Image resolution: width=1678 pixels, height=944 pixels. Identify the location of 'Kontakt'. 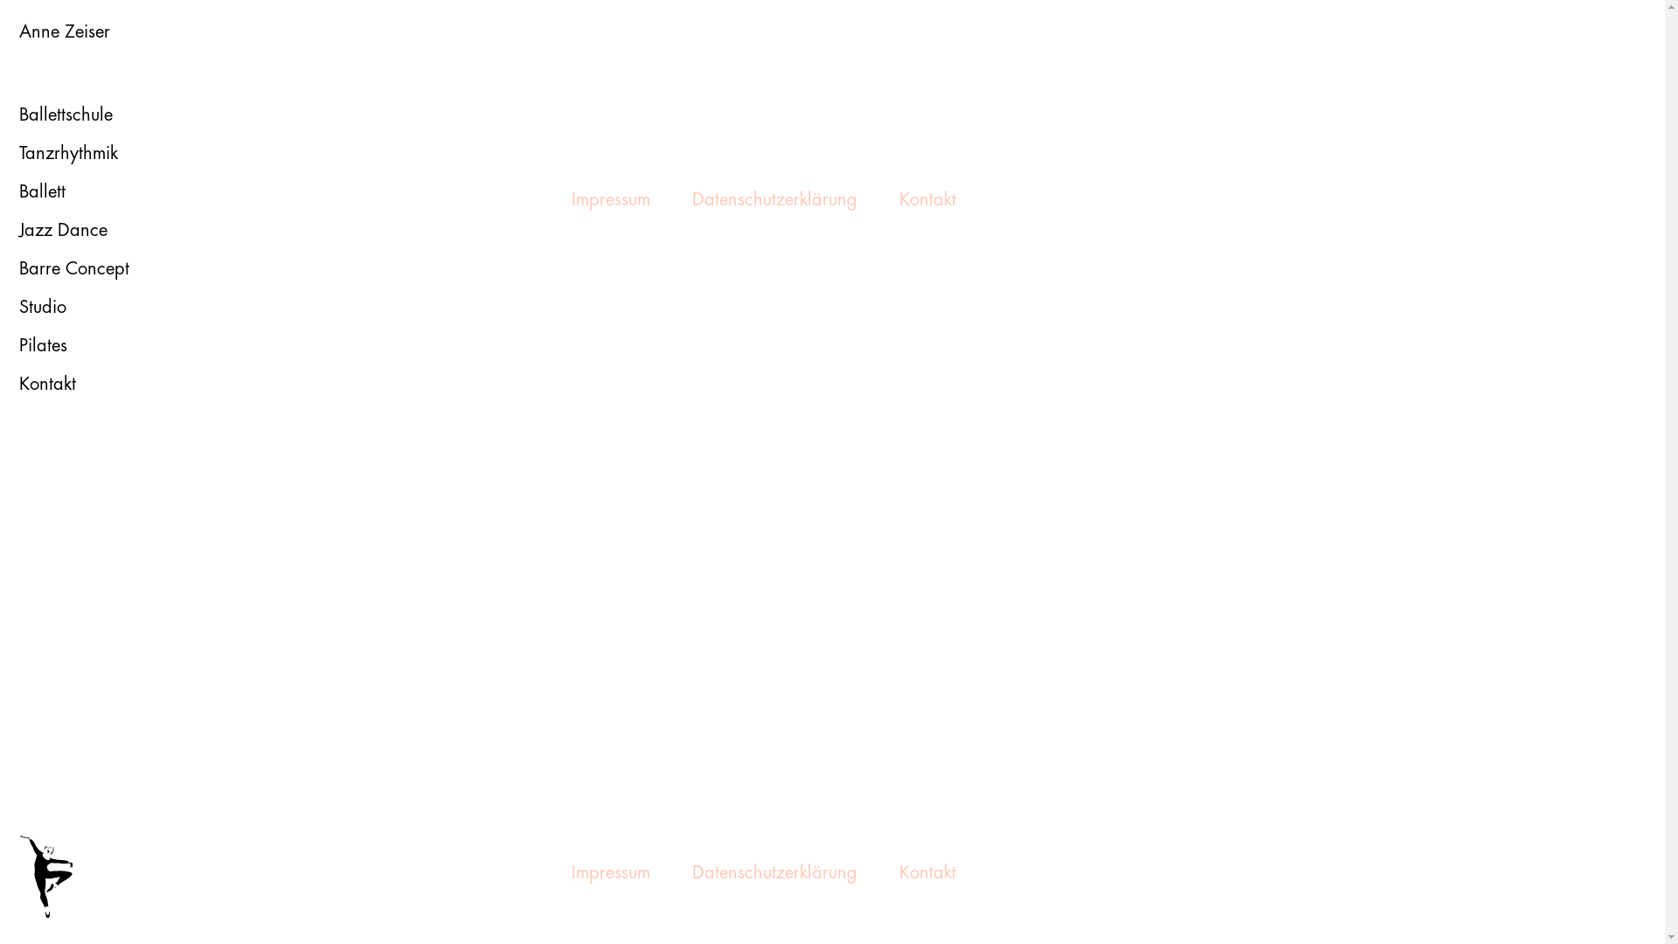
(926, 872).